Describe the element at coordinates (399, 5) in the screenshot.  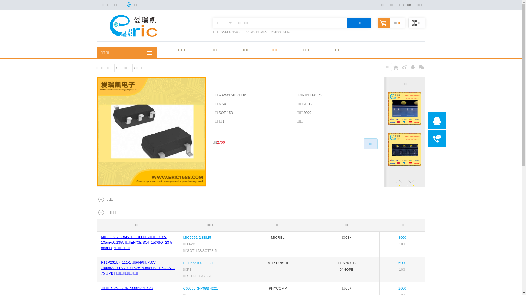
I see `'English'` at that location.